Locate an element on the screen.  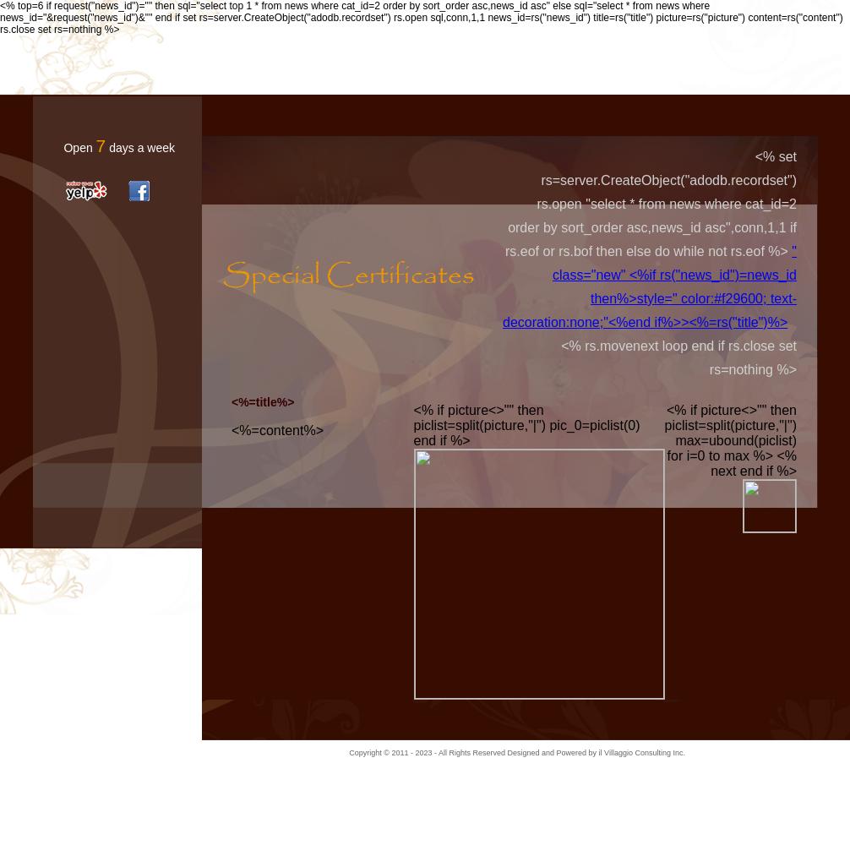
'<%=title%>' is located at coordinates (261, 401).